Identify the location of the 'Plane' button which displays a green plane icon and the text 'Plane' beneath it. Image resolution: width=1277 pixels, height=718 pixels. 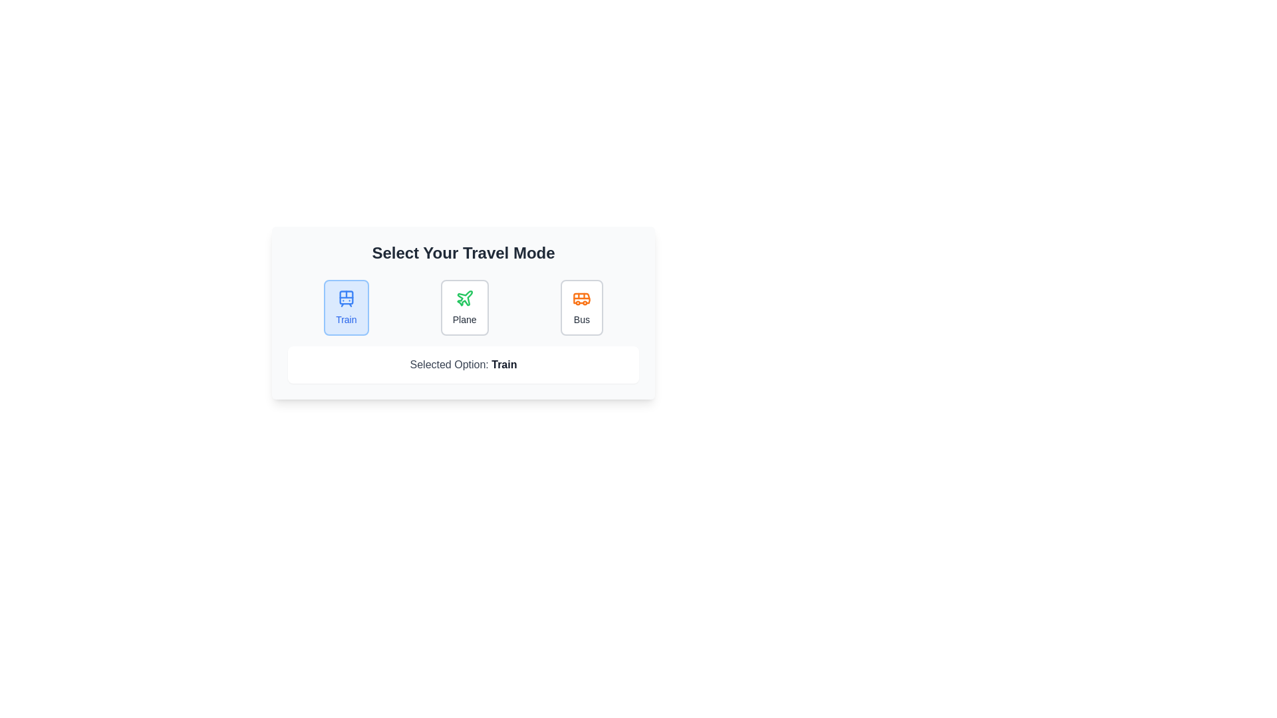
(464, 307).